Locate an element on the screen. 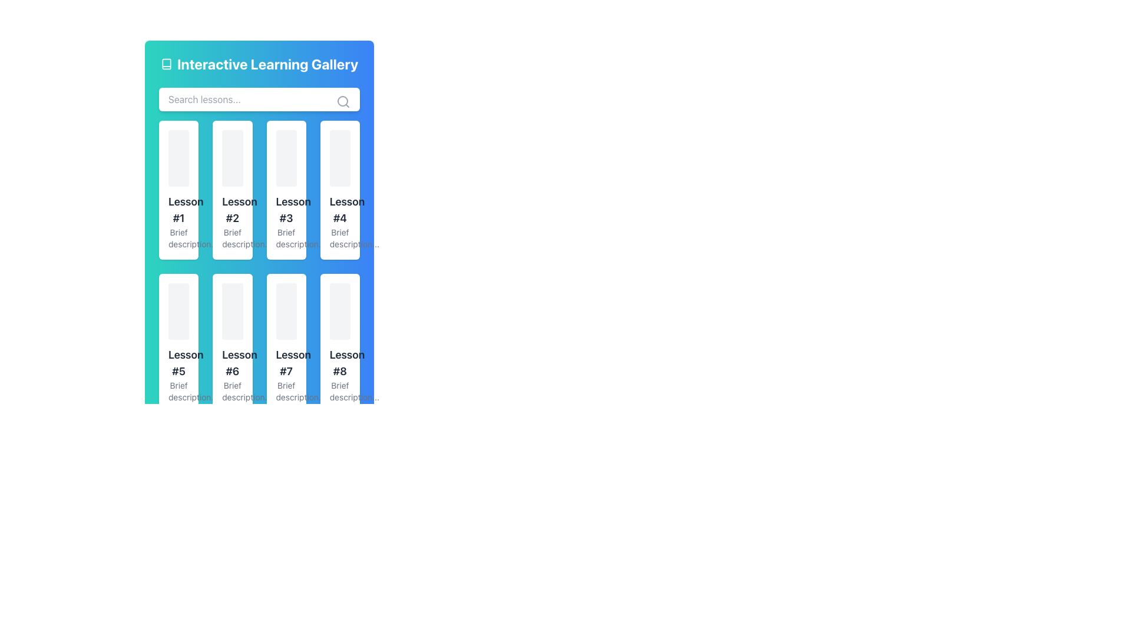 Image resolution: width=1131 pixels, height=636 pixels. the rectangular card with a white background that contains 'Lesson #8' and a brief description, located in the second row and fourth column of the lesson cards grid is located at coordinates (339, 343).